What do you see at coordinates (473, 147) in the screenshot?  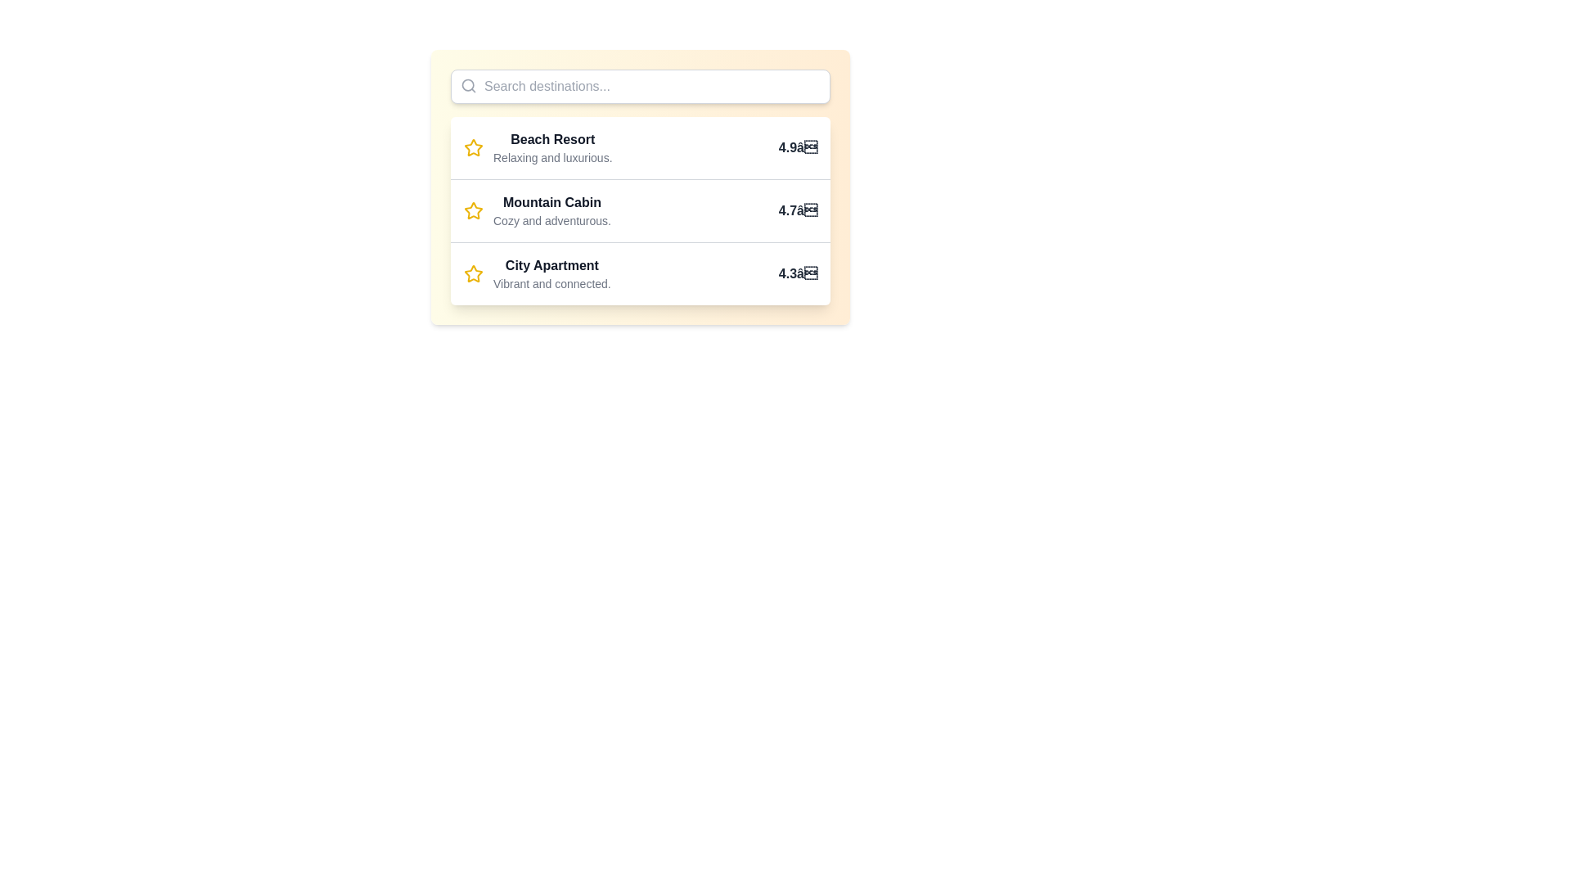 I see `the yellow star-shaped icon located to the immediate left of the 'Mountain Cabin' entry in the list of destinations` at bounding box center [473, 147].